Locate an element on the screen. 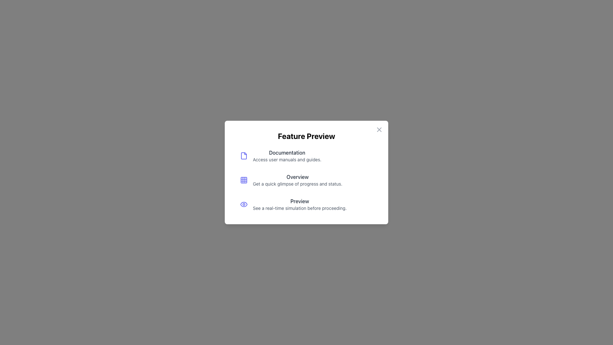 The width and height of the screenshot is (613, 345). the top-left square of the 3x3 grid icon representing the 'Overview' segment, located on the left side of the list item labeled 'Overview' is located at coordinates (243, 180).